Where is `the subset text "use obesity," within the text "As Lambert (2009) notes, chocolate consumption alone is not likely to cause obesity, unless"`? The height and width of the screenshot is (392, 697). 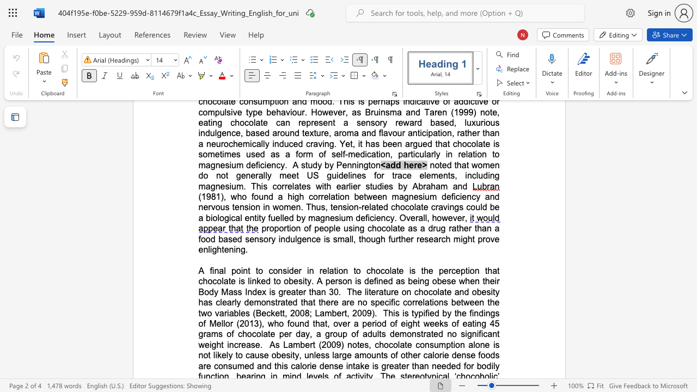 the subset text "use obesity," within the text "As Lambert (2009) notes, chocolate consumption alone is not likely to cause obesity, unless" is located at coordinates (254, 355).